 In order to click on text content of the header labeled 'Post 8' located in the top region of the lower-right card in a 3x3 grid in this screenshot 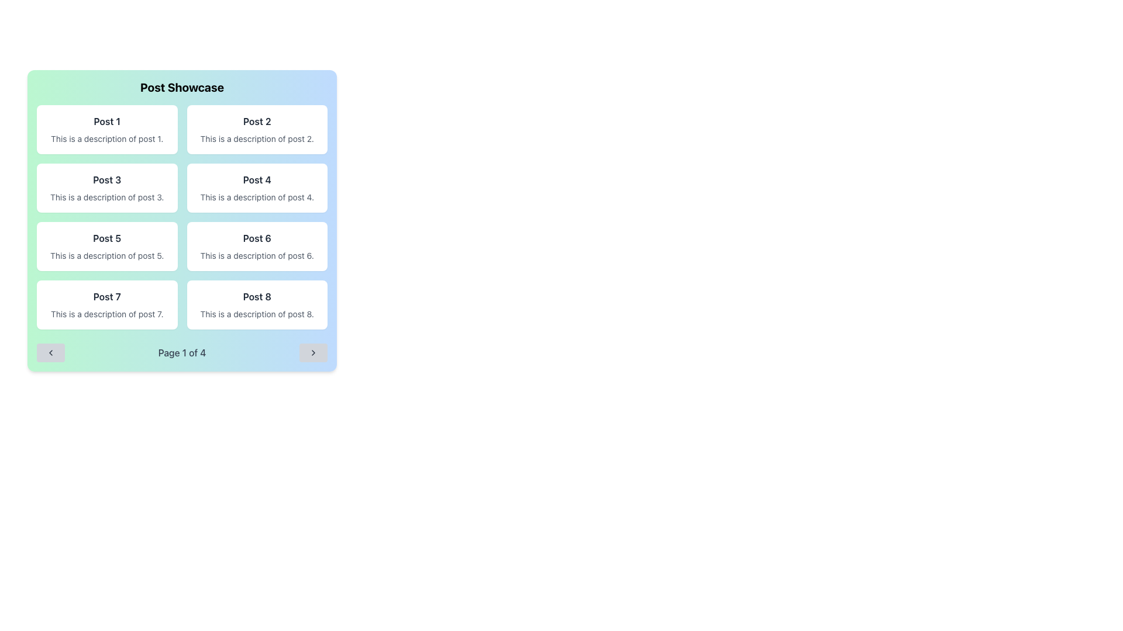, I will do `click(256, 296)`.